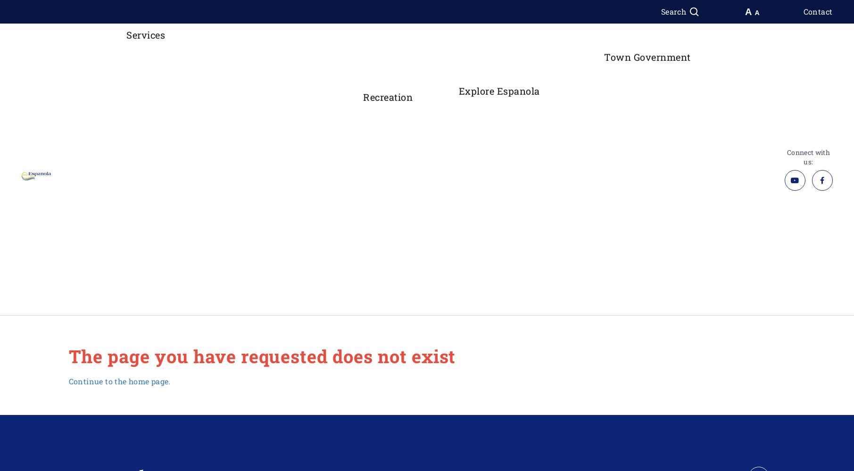 This screenshot has height=471, width=854. What do you see at coordinates (143, 101) in the screenshot?
I see `'A to Z Service Listings'` at bounding box center [143, 101].